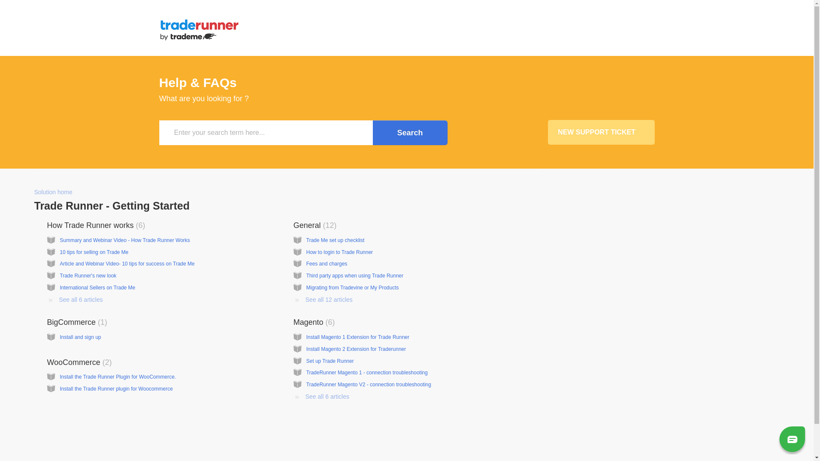  Describe the element at coordinates (126, 263) in the screenshot. I see `'Article and Webinar Video- 10 tips for success on Trade Me'` at that location.